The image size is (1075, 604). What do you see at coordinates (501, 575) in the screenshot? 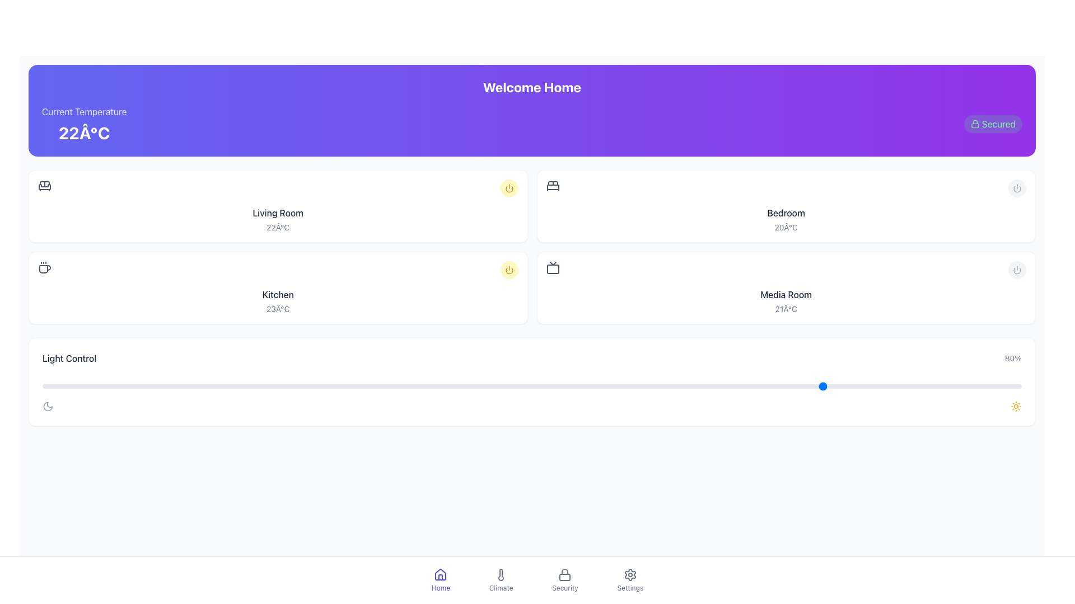
I see `the climate icon located in the bottom navigation bar under the label 'Climate'` at bounding box center [501, 575].